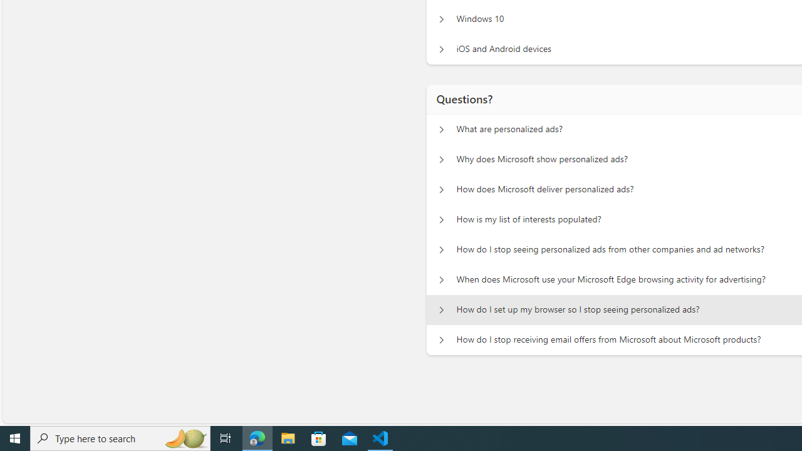 Image resolution: width=802 pixels, height=451 pixels. What do you see at coordinates (441, 129) in the screenshot?
I see `'Questions? What are personalized ads?'` at bounding box center [441, 129].